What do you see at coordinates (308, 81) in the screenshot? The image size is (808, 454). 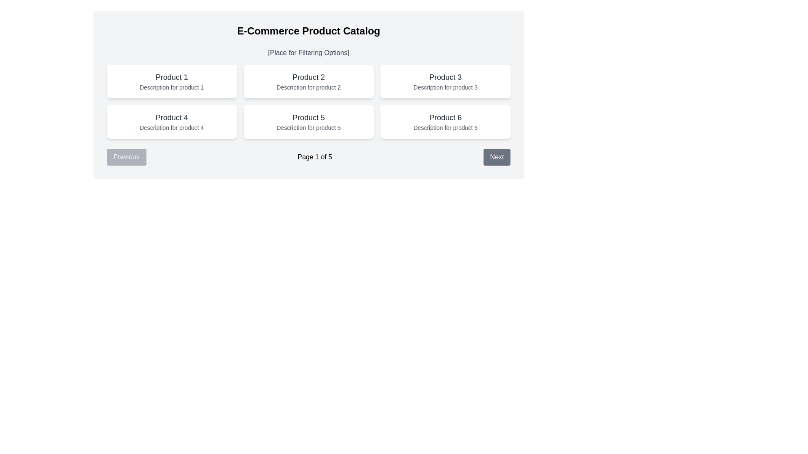 I see `the product display card for 'Product 2', which is the second card in the first row of the product catalog interface` at bounding box center [308, 81].